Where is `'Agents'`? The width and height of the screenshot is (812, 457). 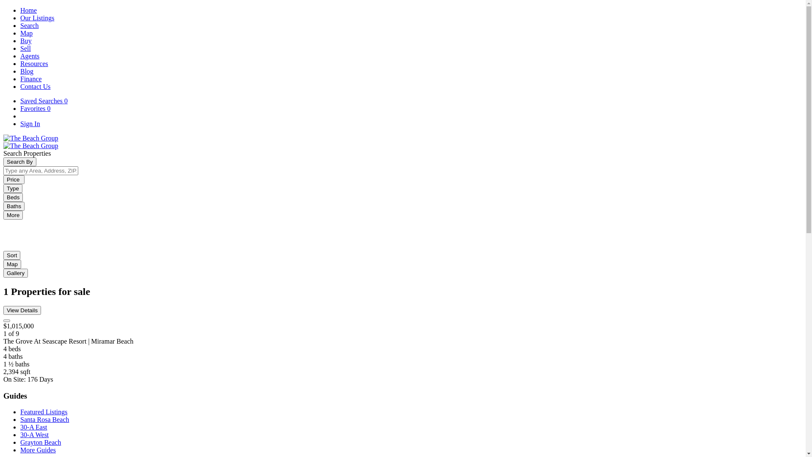
'Agents' is located at coordinates (30, 56).